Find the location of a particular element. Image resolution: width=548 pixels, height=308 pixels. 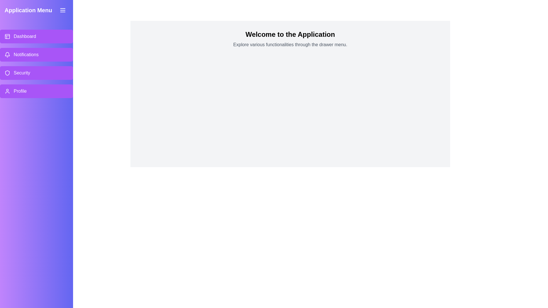

the menu item labeled Security to highlight it is located at coordinates (36, 72).